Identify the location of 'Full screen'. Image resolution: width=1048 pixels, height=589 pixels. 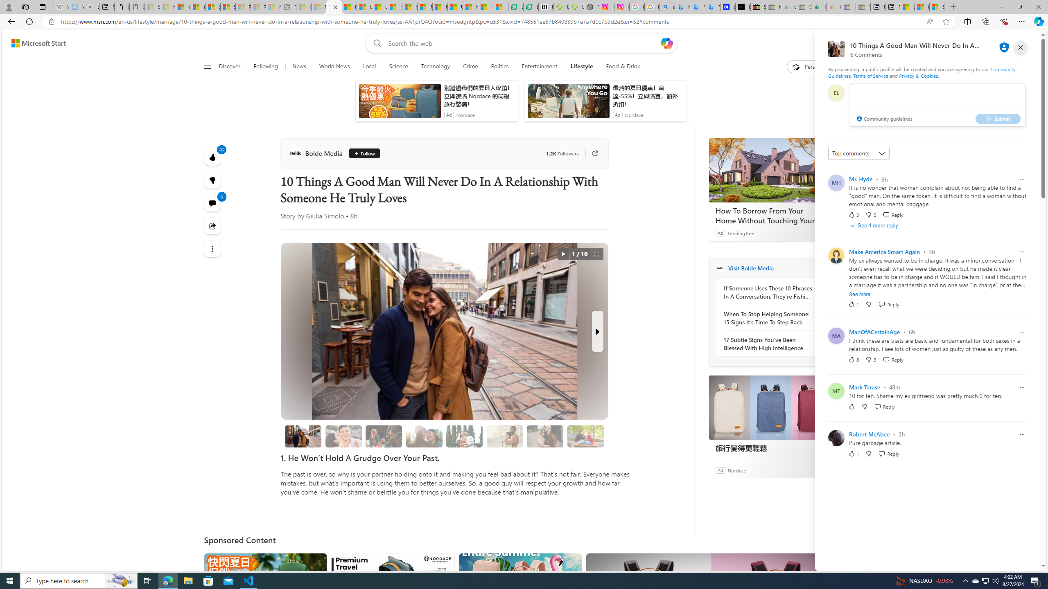
(596, 254).